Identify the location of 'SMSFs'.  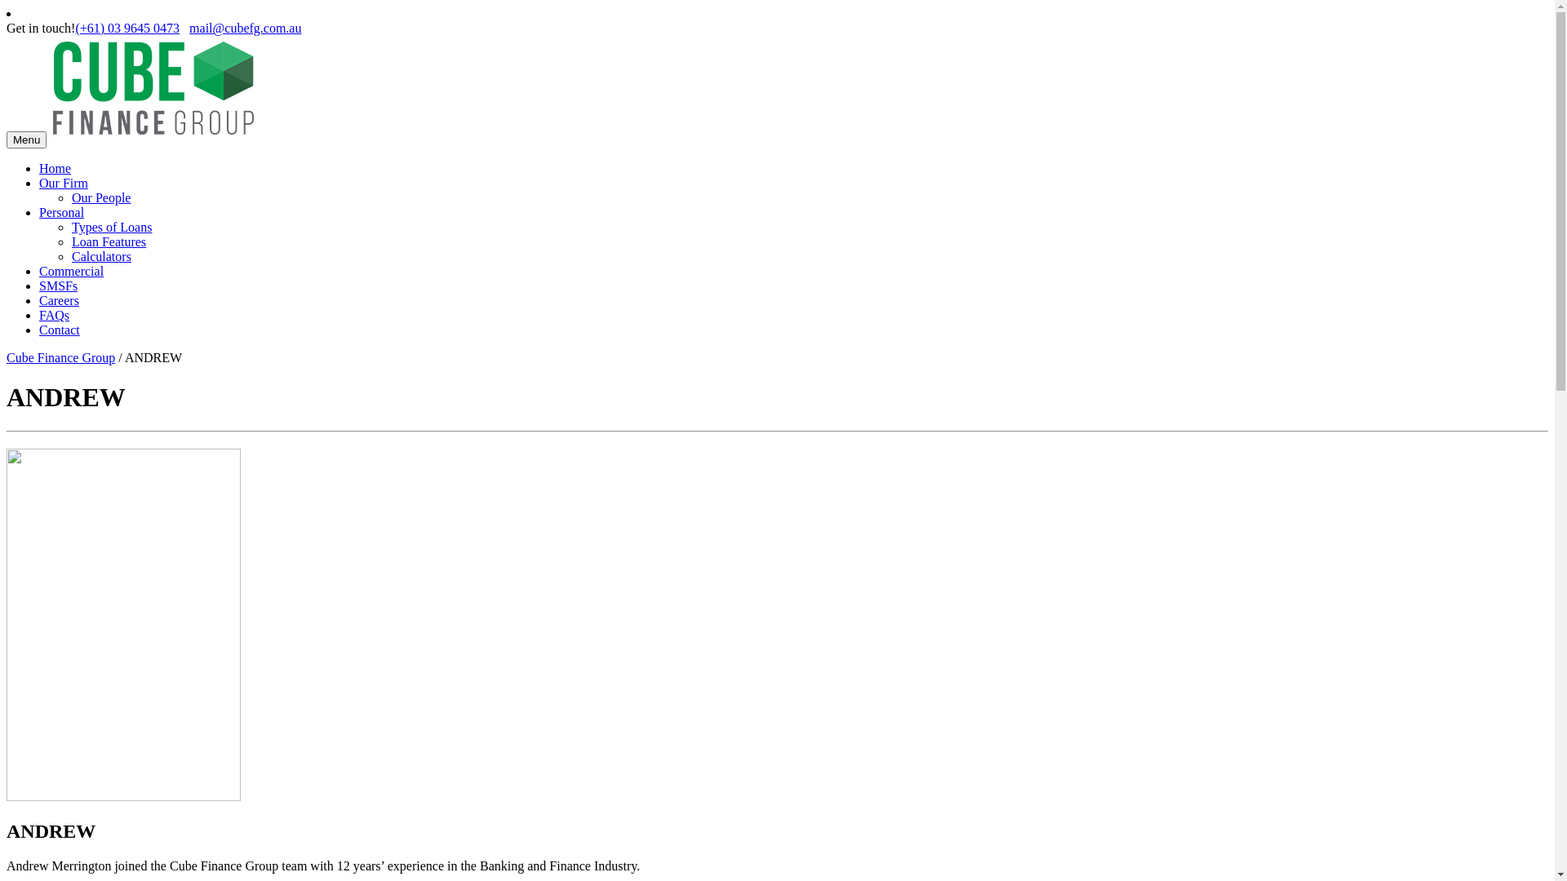
(58, 285).